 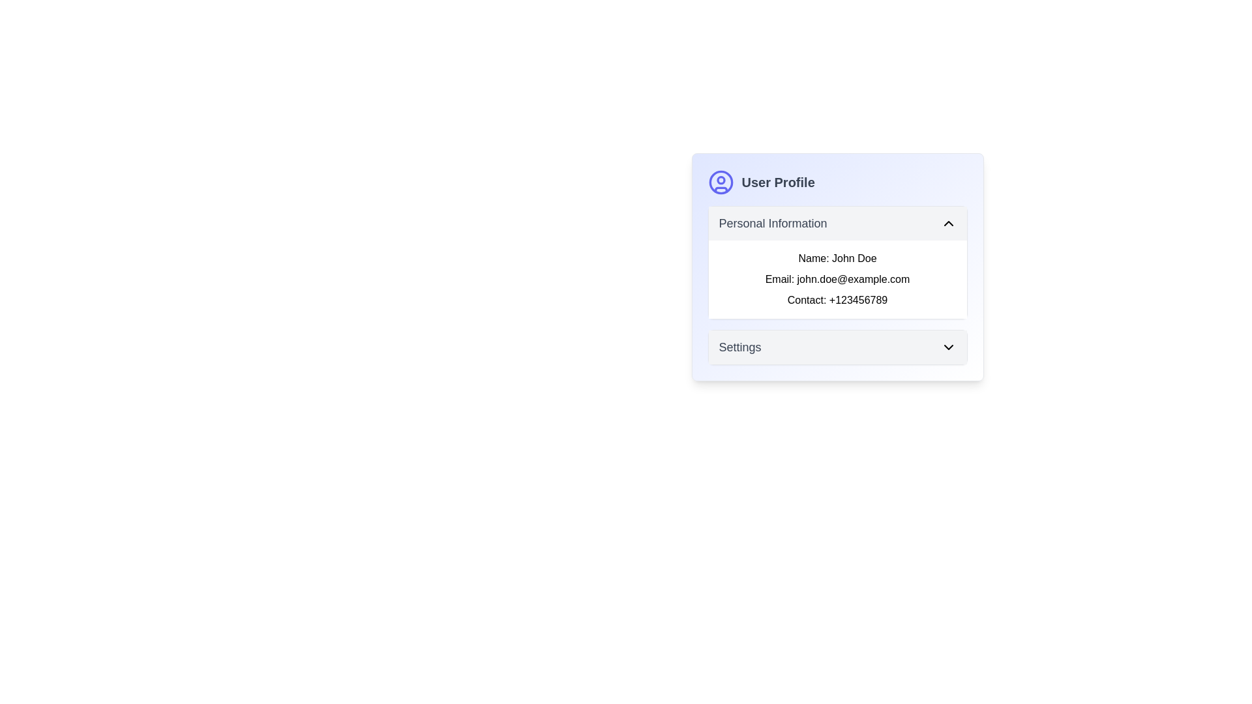 I want to click on the 'Settings' text label element, which is a medium-sized gray text located in the settings section of the UI, within a card-like component, so click(x=740, y=346).